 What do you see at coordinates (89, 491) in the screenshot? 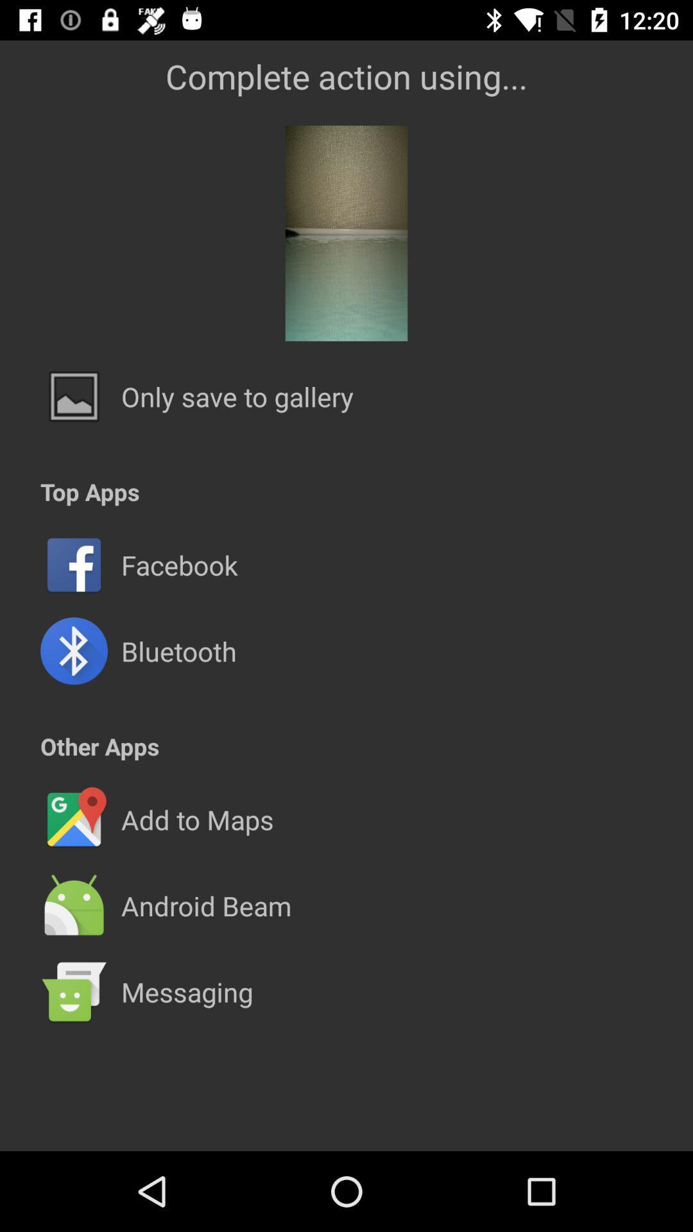
I see `the top apps` at bounding box center [89, 491].